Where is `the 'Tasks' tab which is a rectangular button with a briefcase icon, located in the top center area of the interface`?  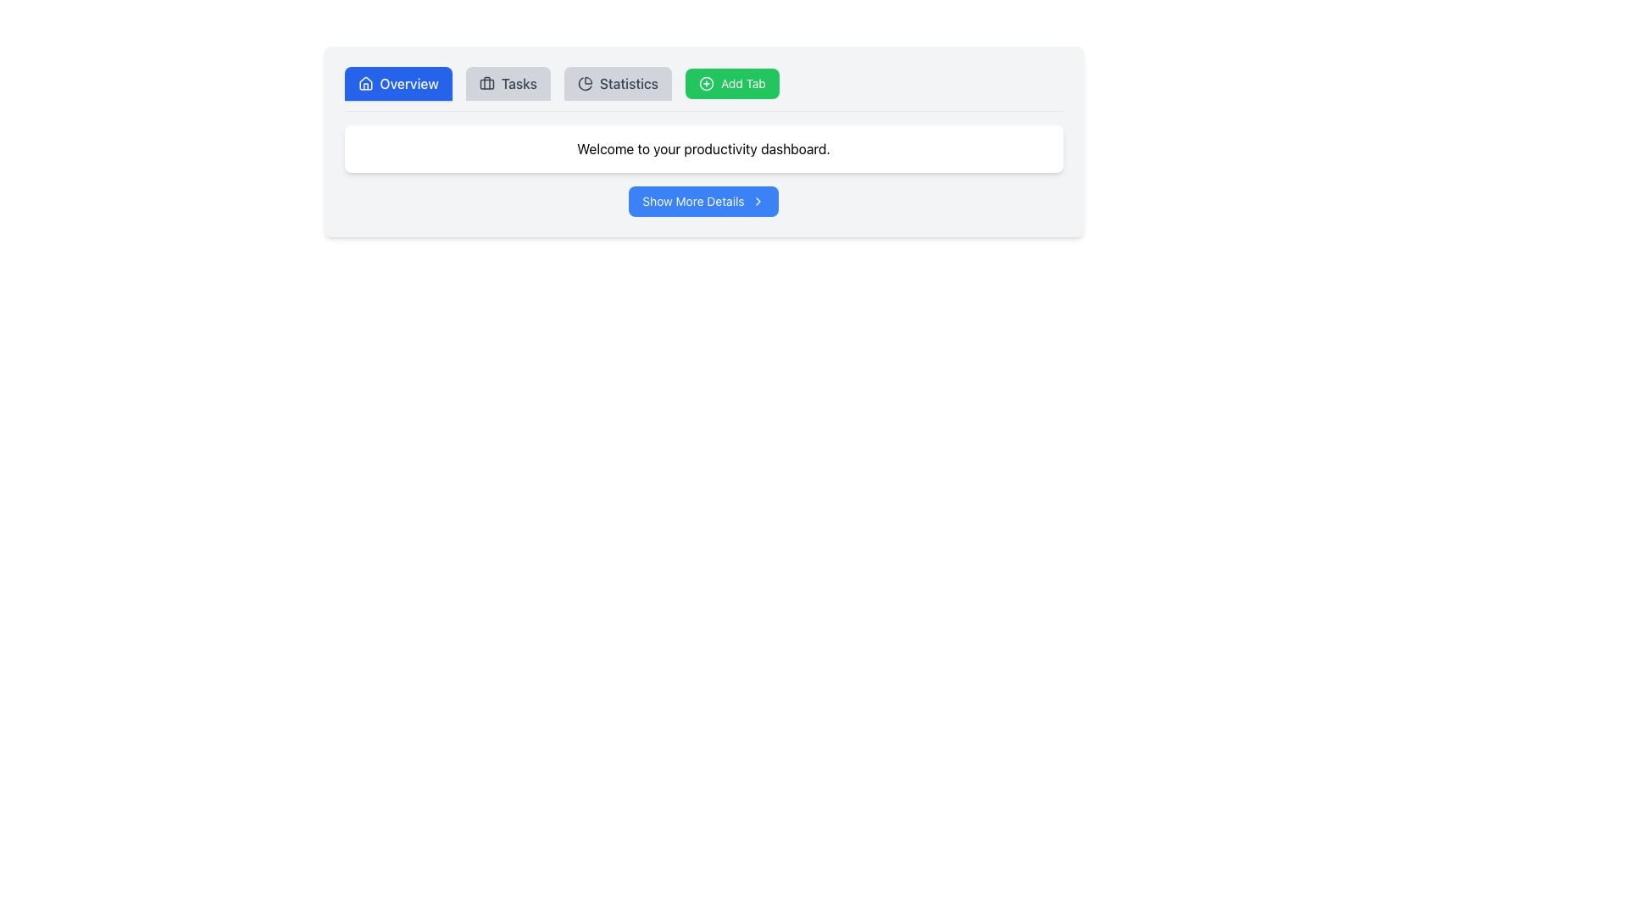 the 'Tasks' tab which is a rectangular button with a briefcase icon, located in the top center area of the interface is located at coordinates (507, 84).